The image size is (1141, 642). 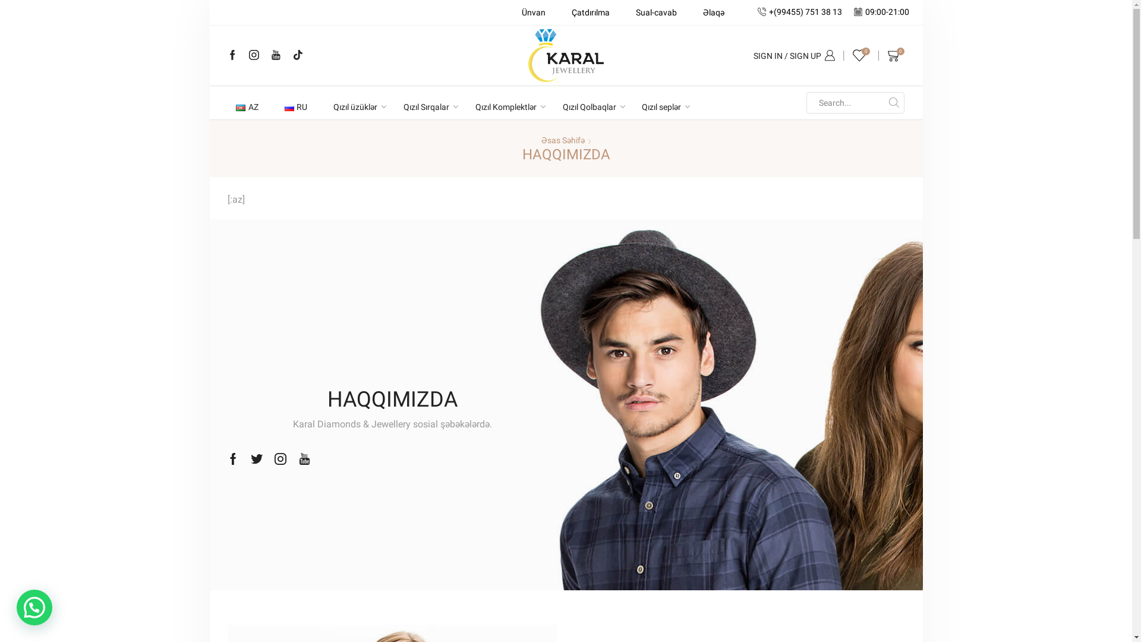 What do you see at coordinates (253, 55) in the screenshot?
I see `'Instagram'` at bounding box center [253, 55].